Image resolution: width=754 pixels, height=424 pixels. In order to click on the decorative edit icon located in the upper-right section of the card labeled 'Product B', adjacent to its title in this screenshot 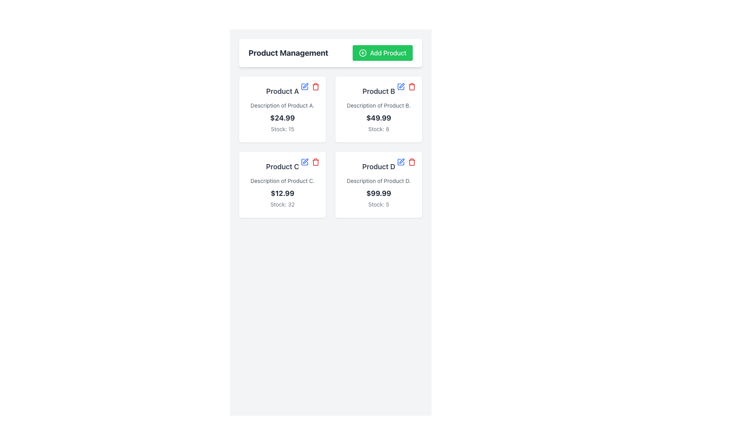, I will do `click(401, 86)`.